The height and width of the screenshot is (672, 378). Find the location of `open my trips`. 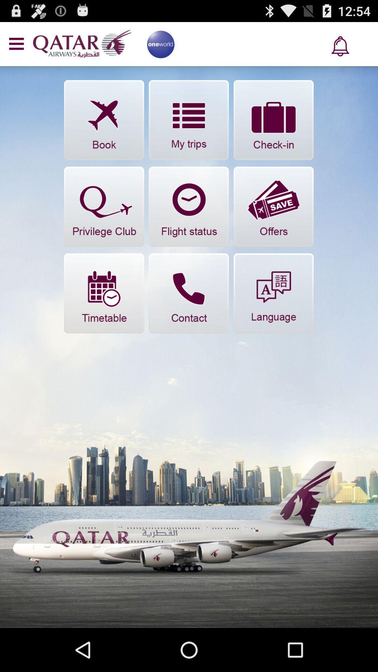

open my trips is located at coordinates (188, 120).